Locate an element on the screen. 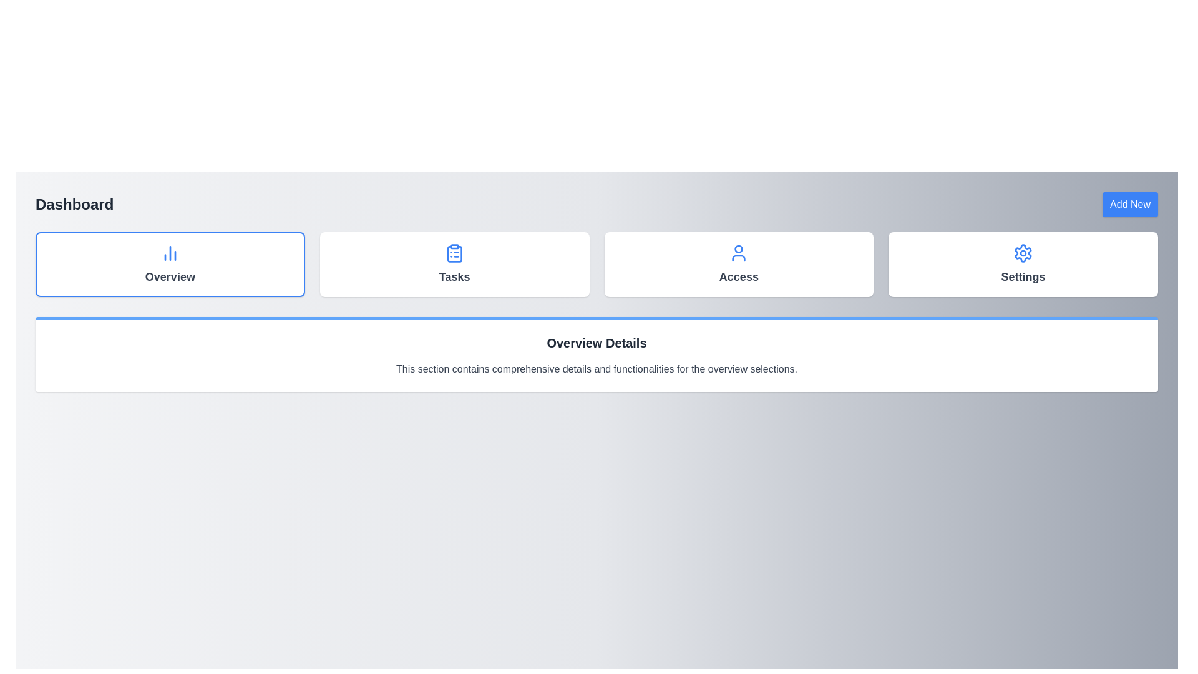  the 'Access' button, which is the third button in a sequence of four buttons arranged horizontally, located between the 'Tasks' button and the 'Settings' button is located at coordinates (739, 264).